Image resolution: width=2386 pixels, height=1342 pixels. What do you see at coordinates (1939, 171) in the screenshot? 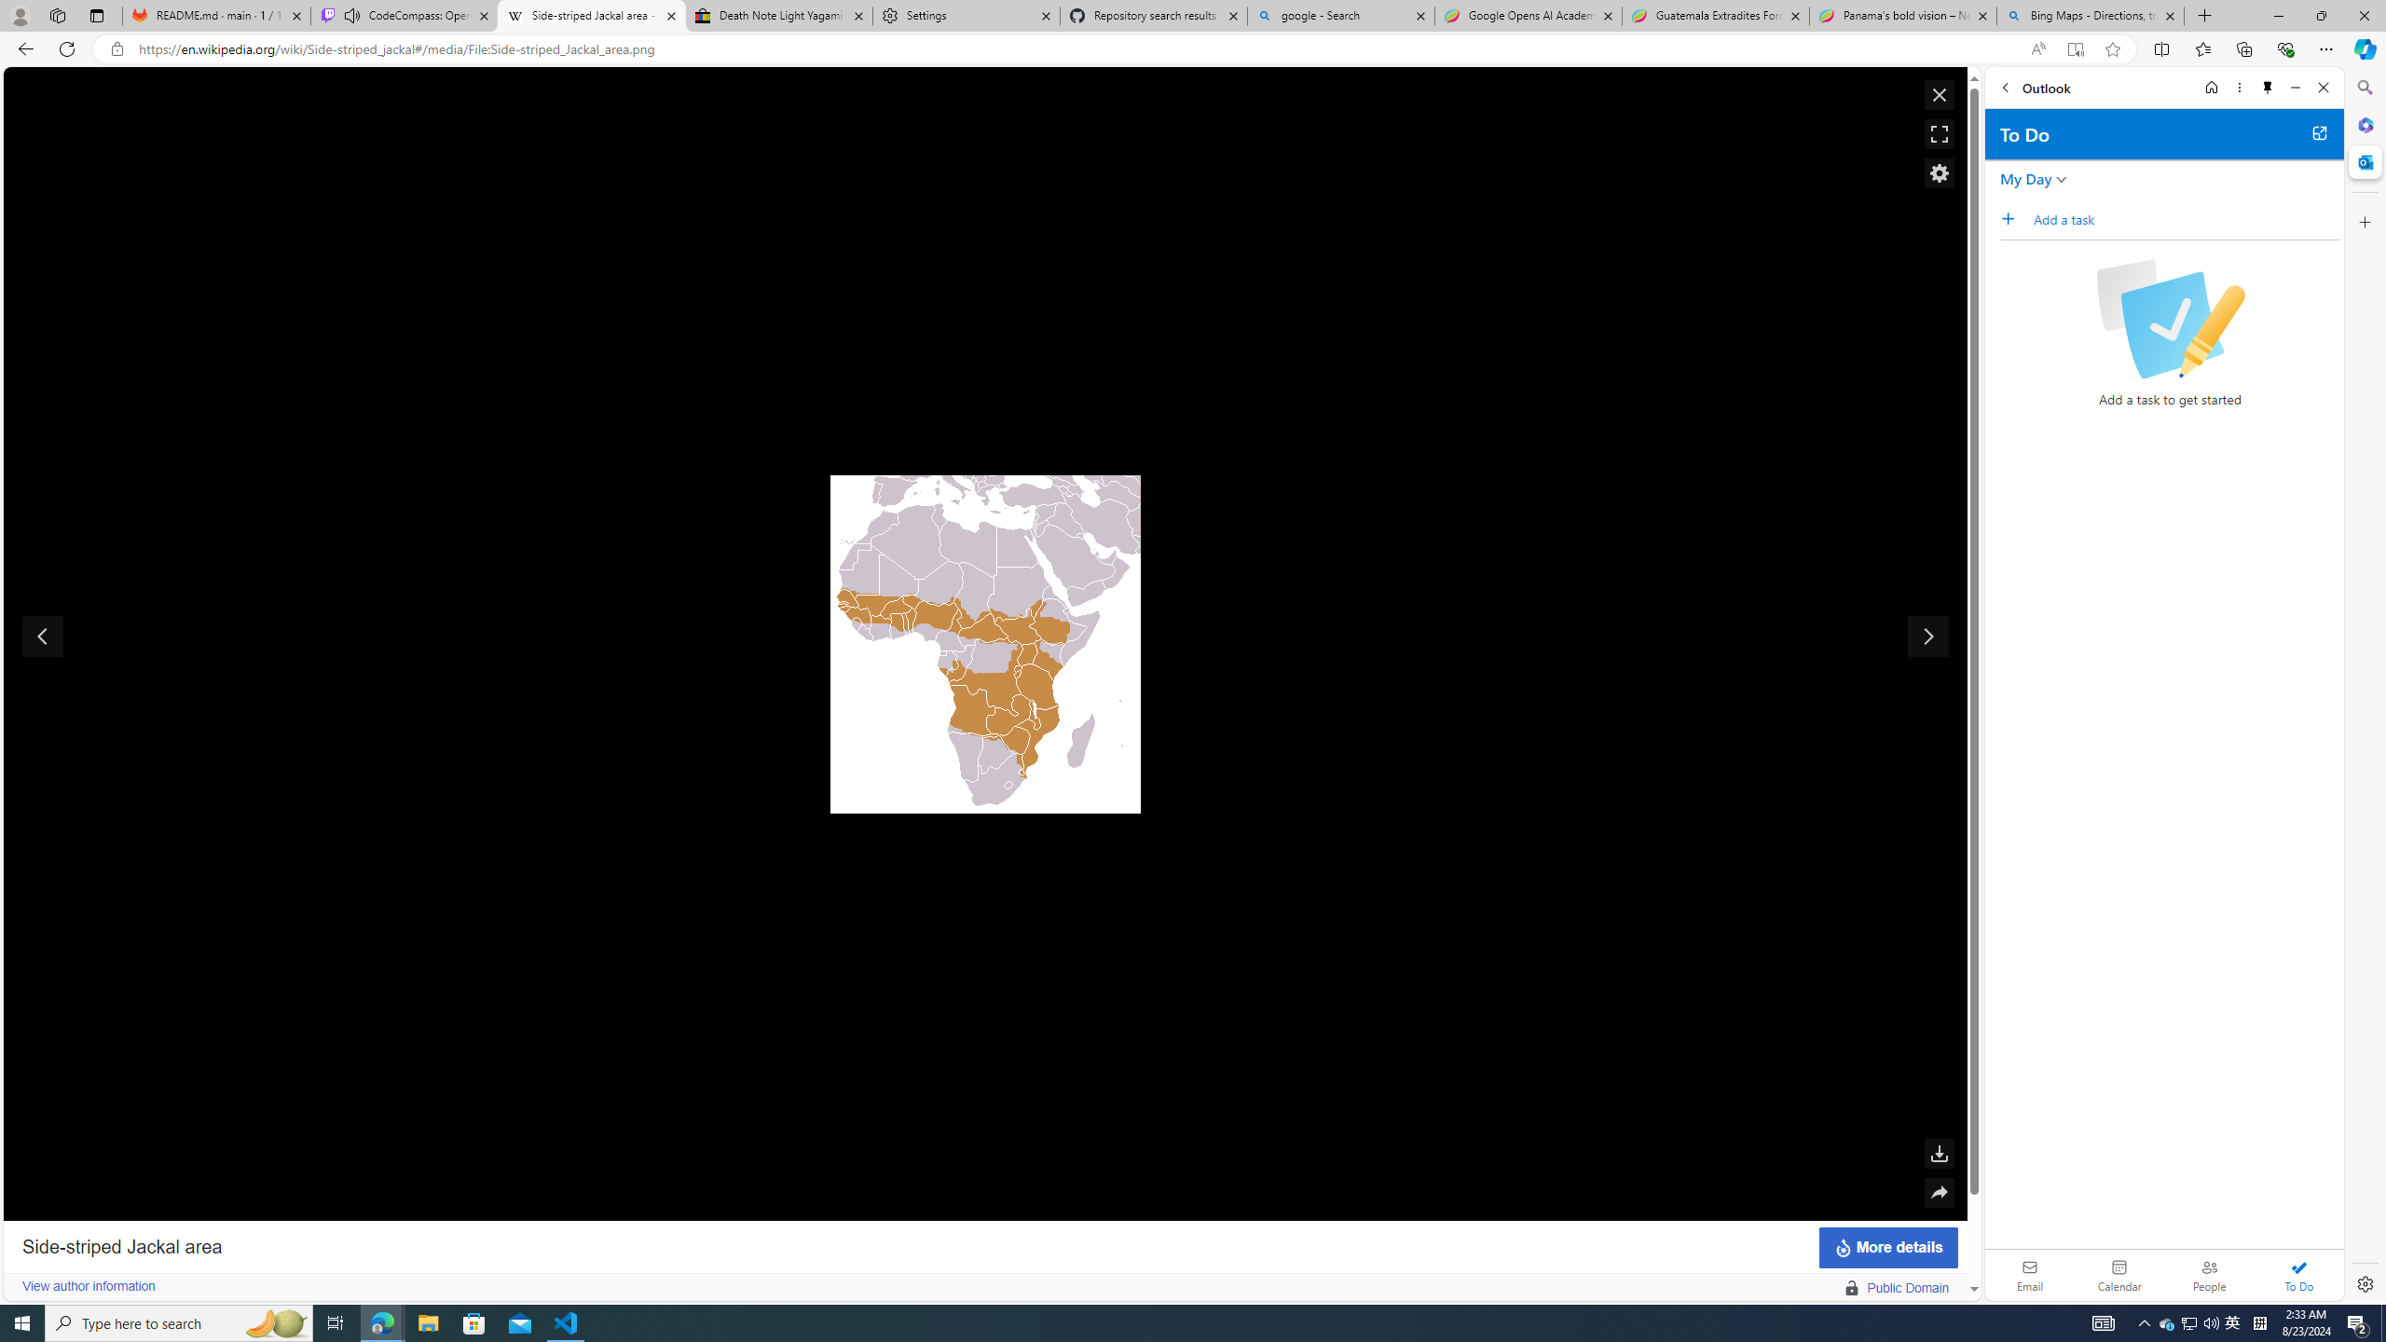
I see `'Enable or disable Media Viewer'` at bounding box center [1939, 171].